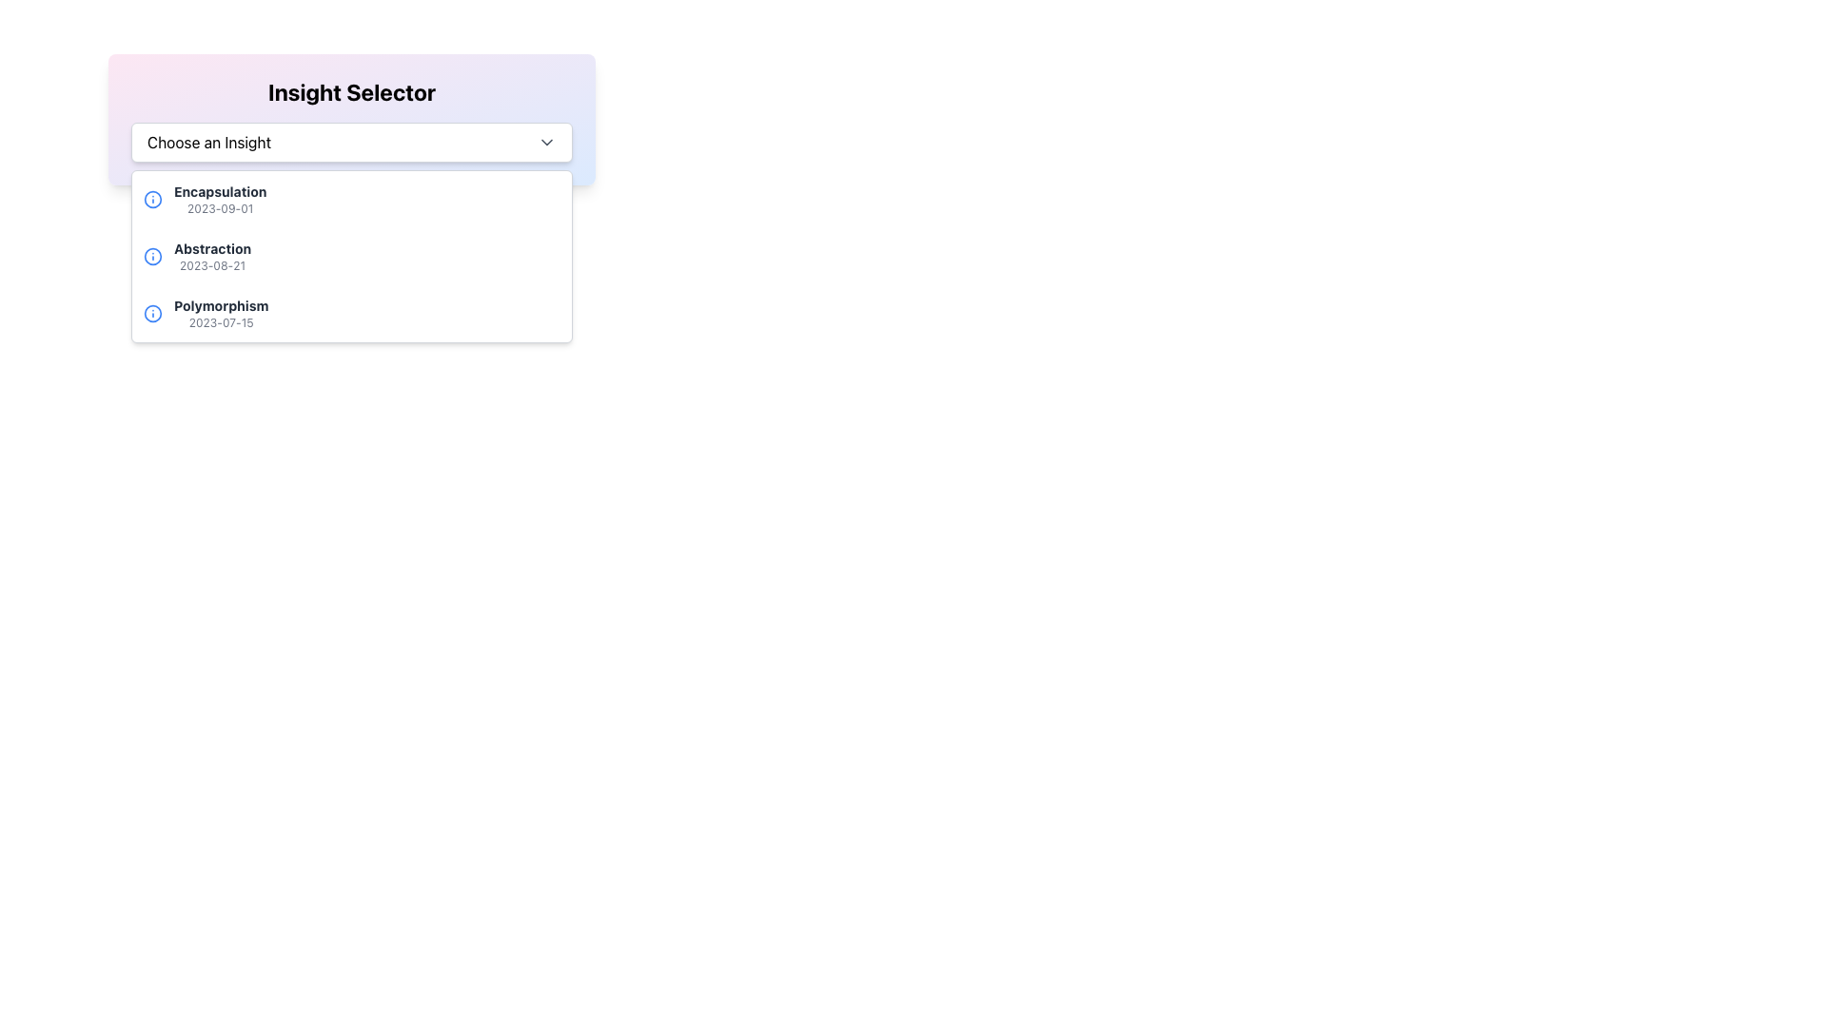 The image size is (1827, 1027). I want to click on the third item in the dropdown list titled 'Polymorphism', so click(351, 313).